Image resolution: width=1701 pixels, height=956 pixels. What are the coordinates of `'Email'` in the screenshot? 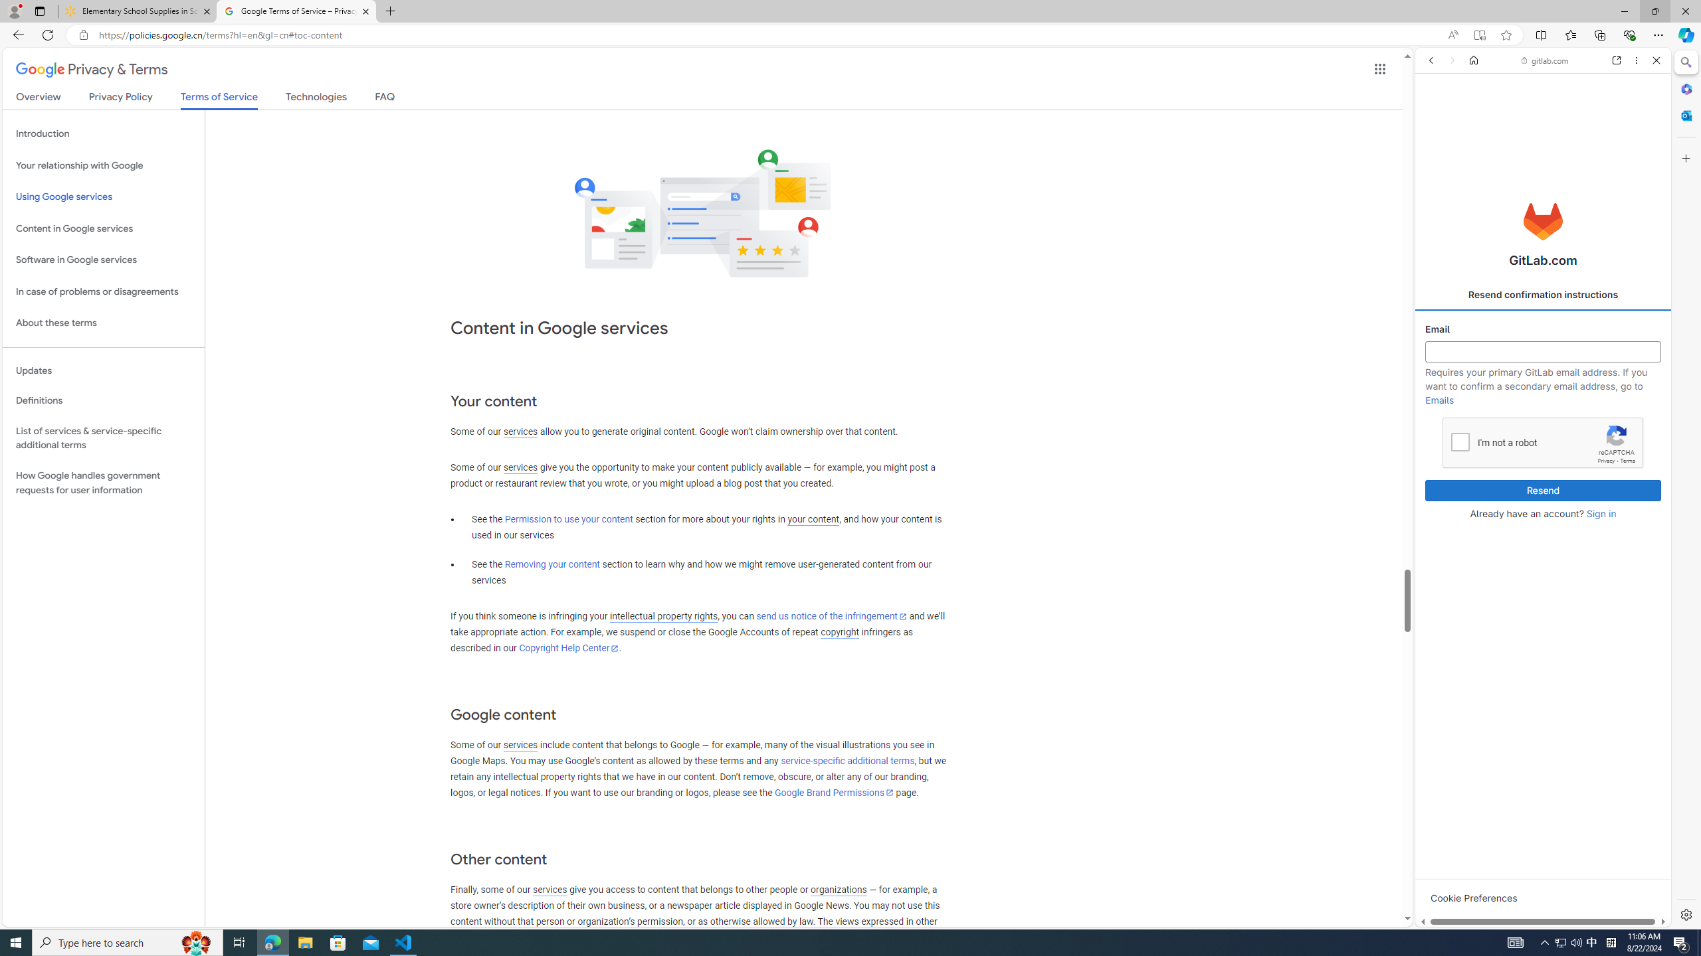 It's located at (1544, 351).